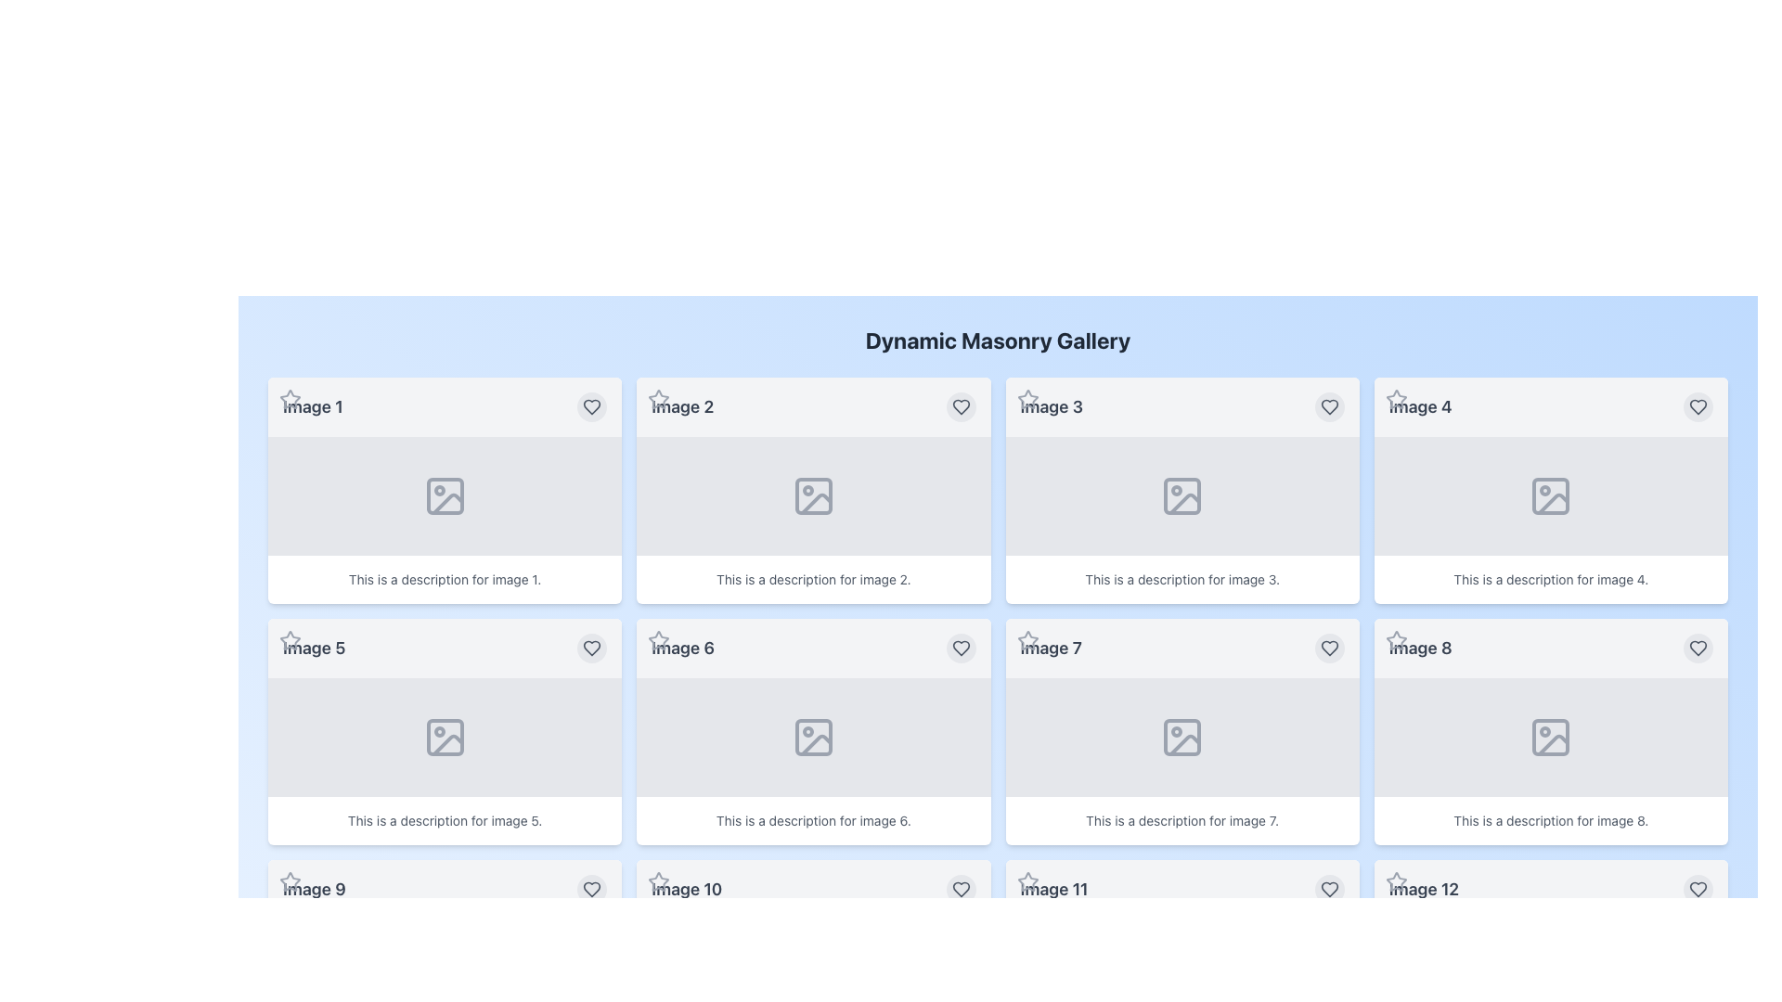 This screenshot has height=1002, width=1782. What do you see at coordinates (591, 889) in the screenshot?
I see `the heart-shaped icon button located in the upper-right corner of the card for 'Image 9'` at bounding box center [591, 889].